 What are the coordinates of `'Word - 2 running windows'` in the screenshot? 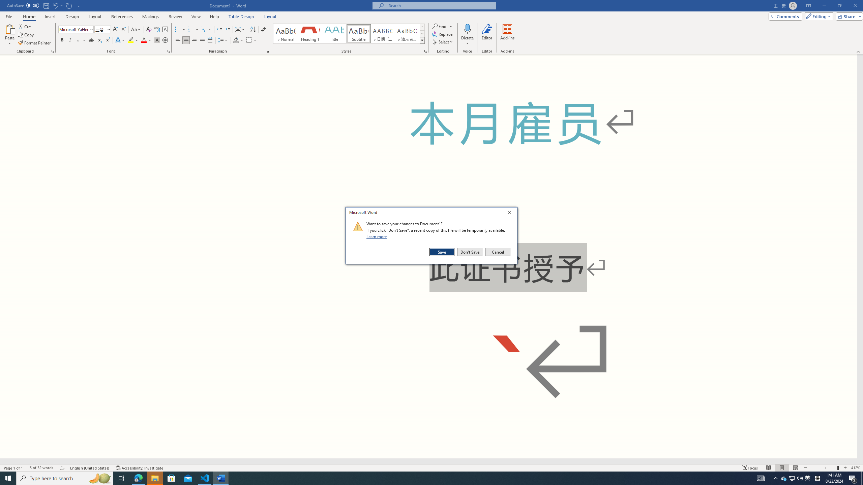 It's located at (221, 478).